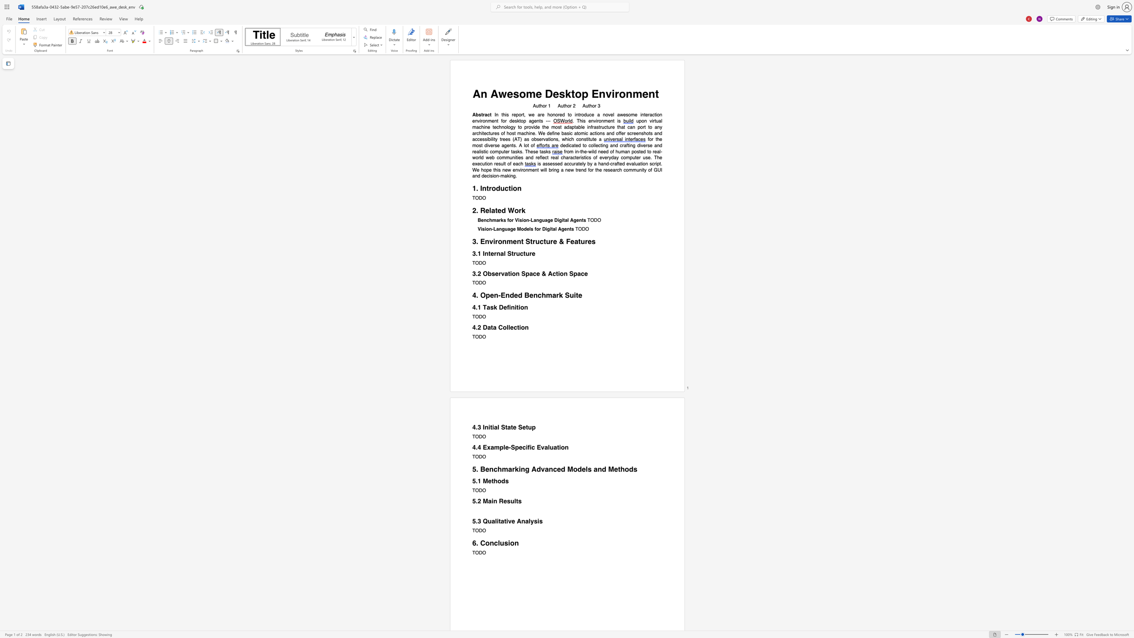 The height and width of the screenshot is (638, 1134). Describe the element at coordinates (656, 145) in the screenshot. I see `the subset text "nd realistic computer tasks. These t" within the text "dedicated to collecting and crafting diverse and realistic computer tasks. These tasks"` at that location.